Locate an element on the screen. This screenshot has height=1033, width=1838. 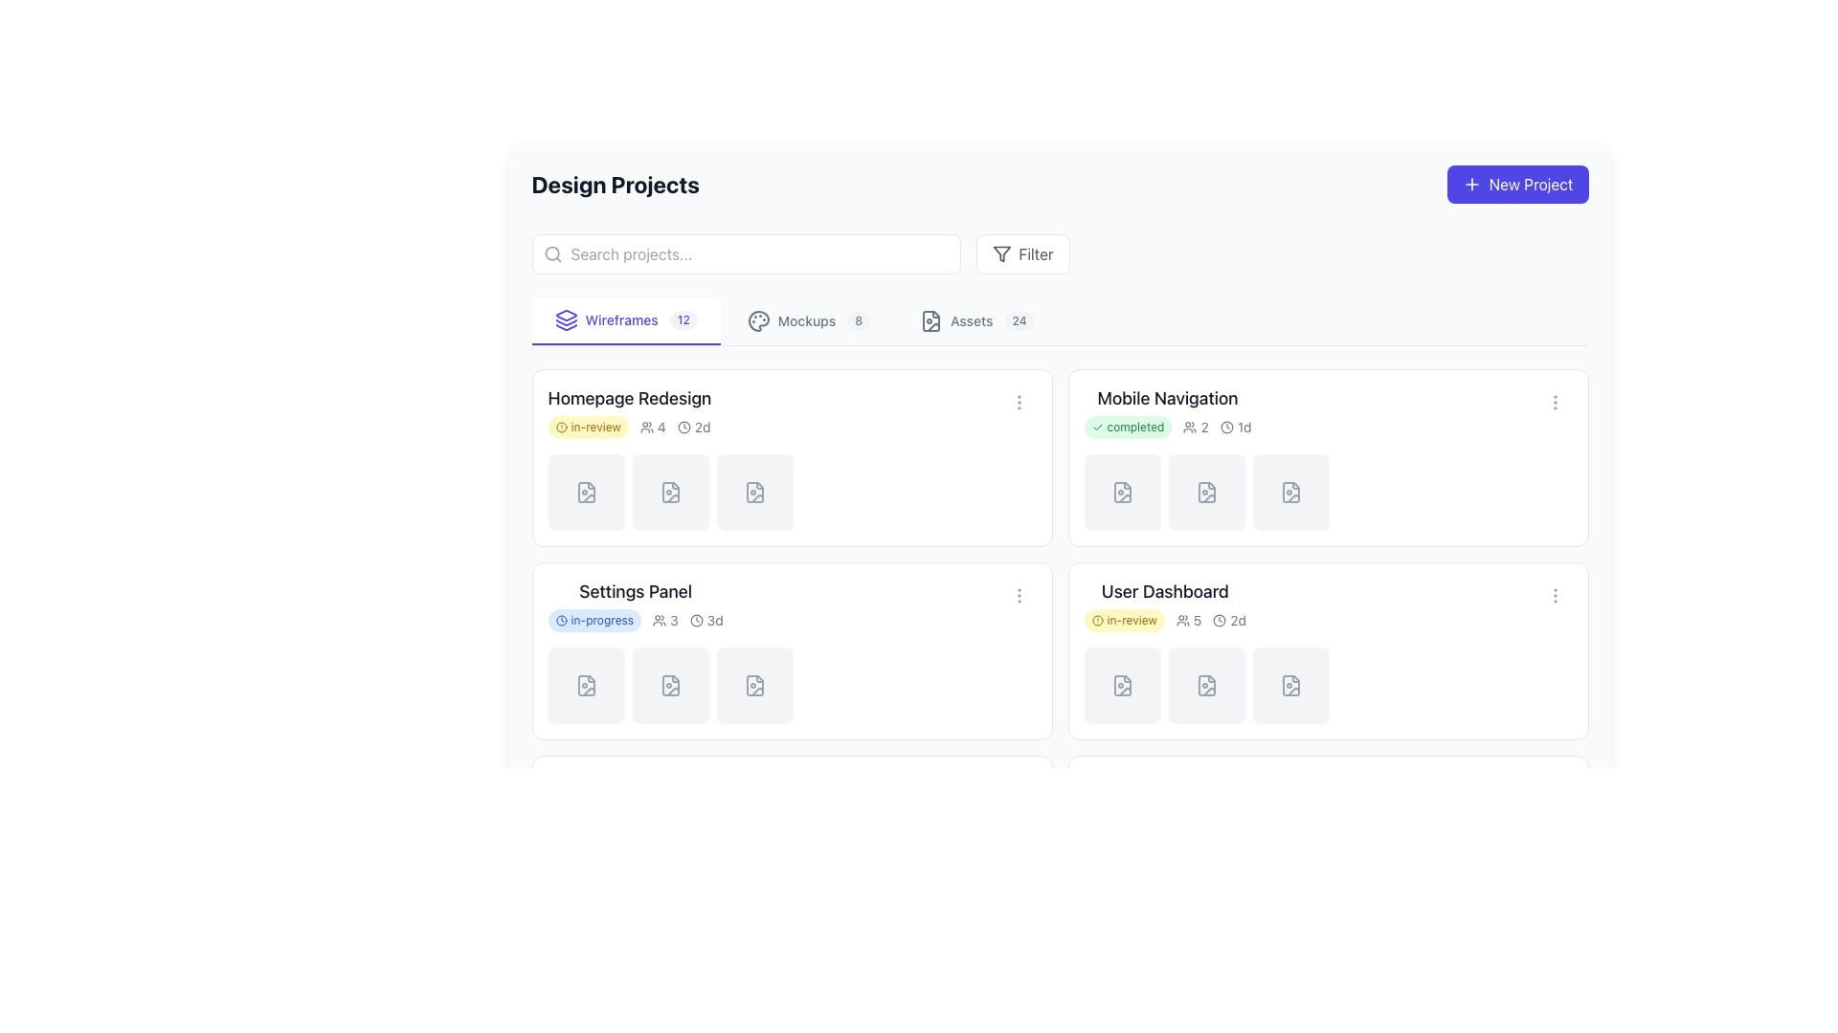
the leftmost interactive navigation item in the menu to filter the displayed content to 'Wireframes' is located at coordinates (626, 319).